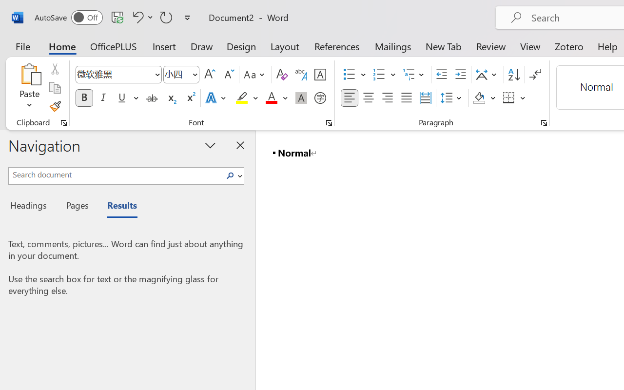 This screenshot has height=390, width=624. What do you see at coordinates (84, 98) in the screenshot?
I see `'Bold'` at bounding box center [84, 98].